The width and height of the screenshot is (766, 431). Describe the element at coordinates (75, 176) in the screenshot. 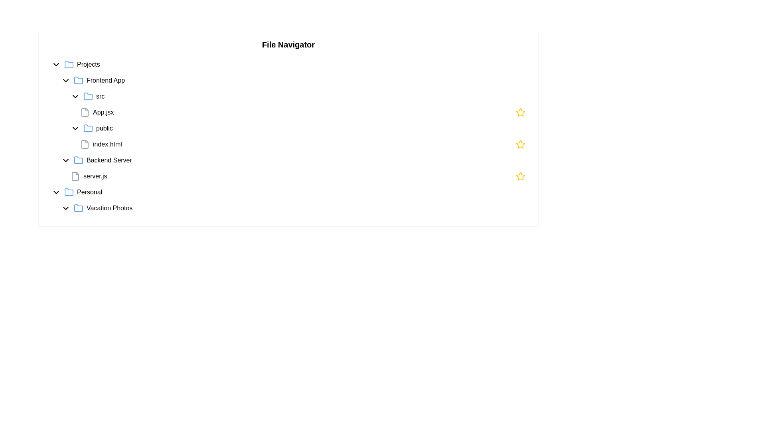

I see `the document file icon located in the 'Backend Server' folder, which is visually represented with sharp rectangular edges, positioned directly to the left of the 'server.js' file text` at that location.